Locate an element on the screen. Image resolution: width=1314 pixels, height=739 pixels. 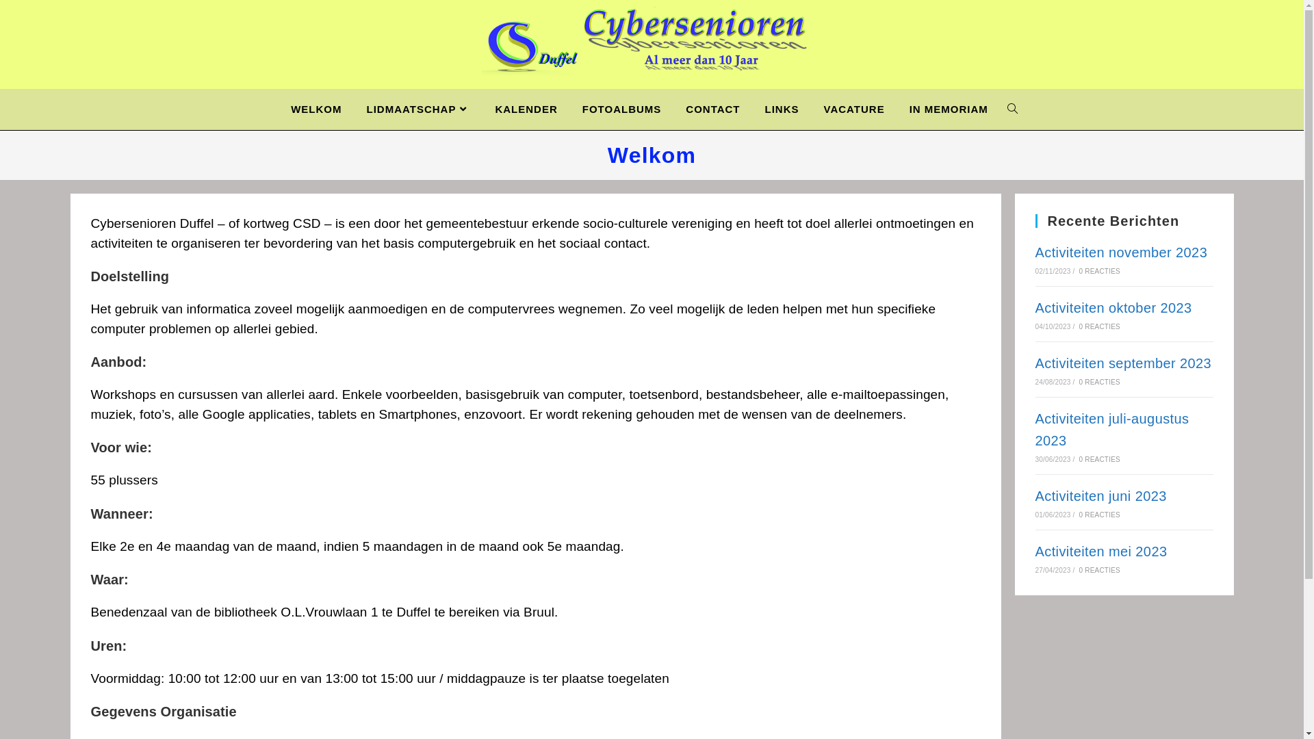
'VACATURE' is located at coordinates (853, 108).